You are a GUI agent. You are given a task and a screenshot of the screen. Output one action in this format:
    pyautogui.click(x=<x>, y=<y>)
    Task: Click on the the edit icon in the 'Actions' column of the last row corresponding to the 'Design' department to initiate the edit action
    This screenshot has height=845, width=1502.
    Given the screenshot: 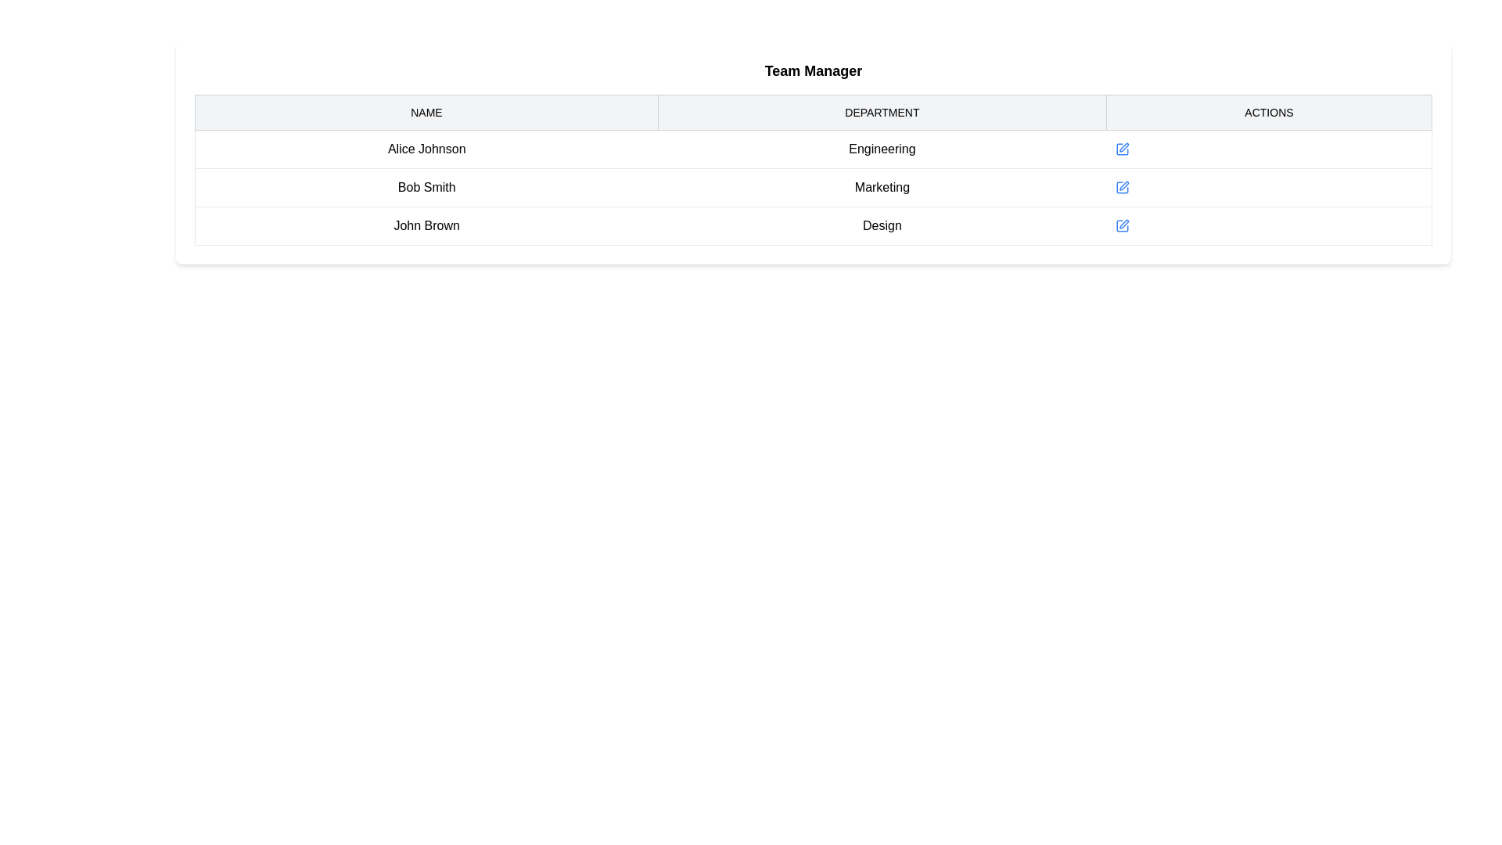 What is the action you would take?
    pyautogui.click(x=1123, y=224)
    